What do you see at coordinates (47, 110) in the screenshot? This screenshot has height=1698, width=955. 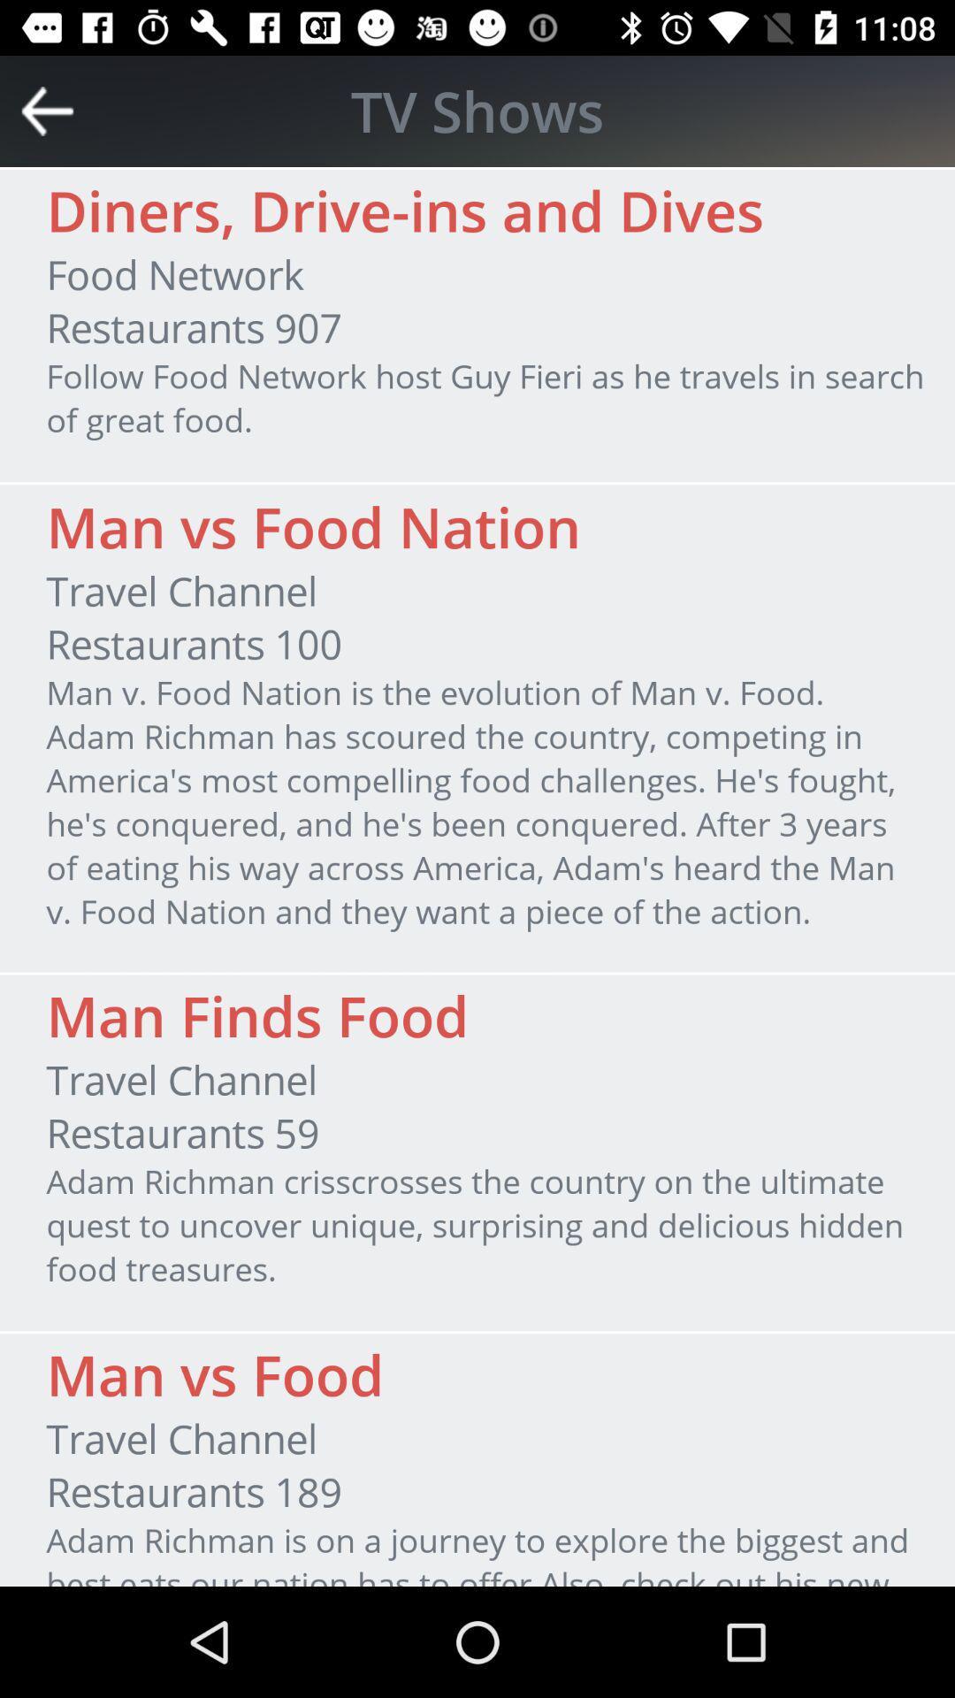 I see `the icon next to tv shows item` at bounding box center [47, 110].